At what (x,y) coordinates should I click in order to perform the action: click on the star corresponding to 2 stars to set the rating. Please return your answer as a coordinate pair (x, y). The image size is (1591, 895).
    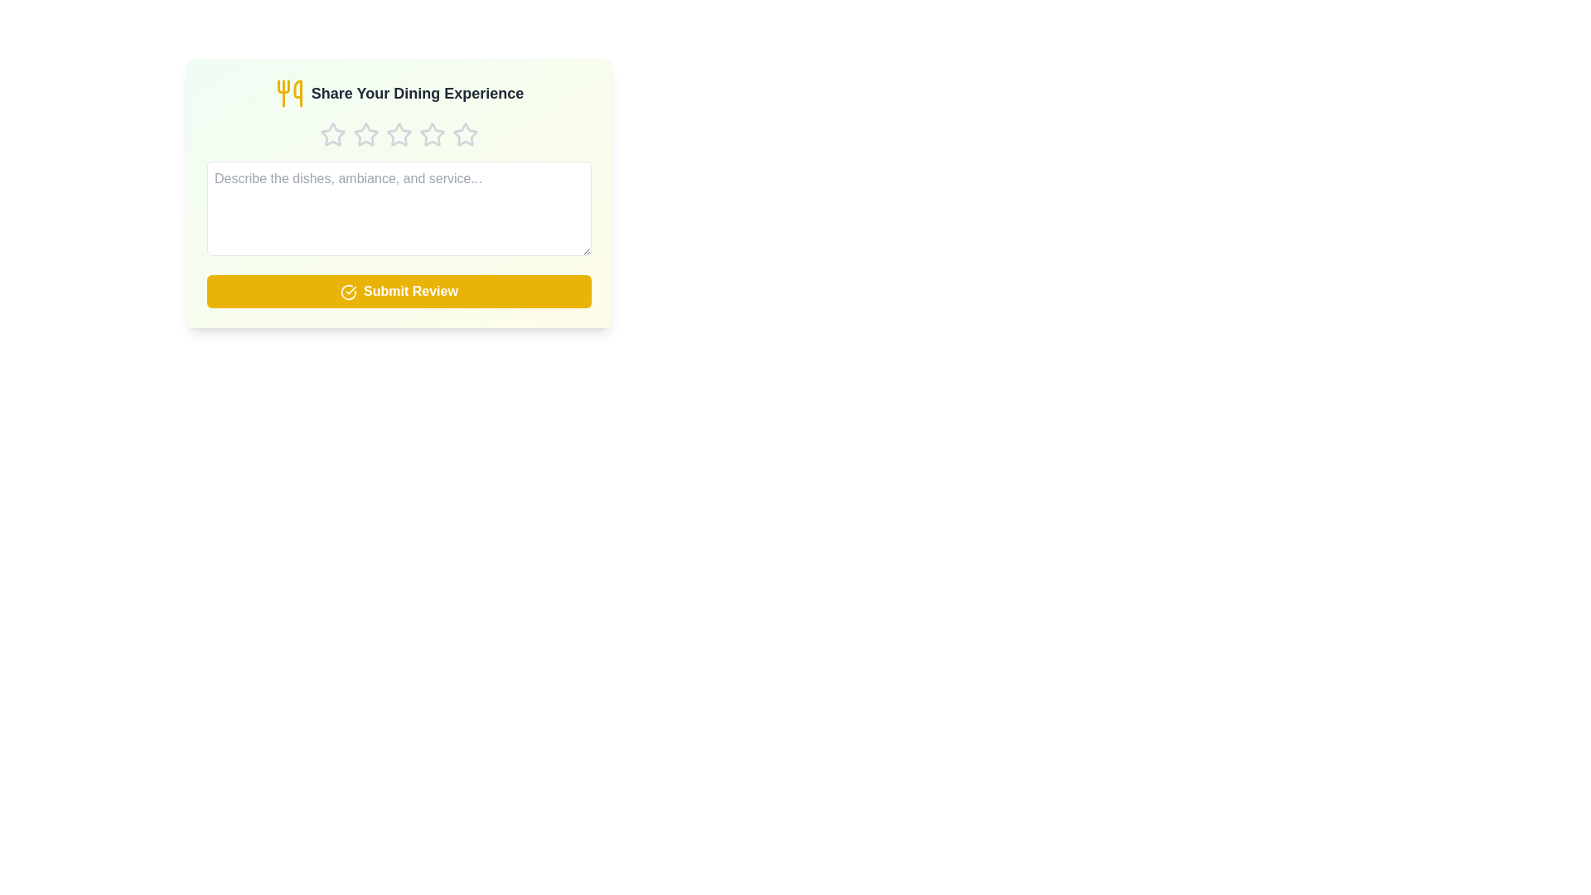
    Looking at the image, I should click on (365, 133).